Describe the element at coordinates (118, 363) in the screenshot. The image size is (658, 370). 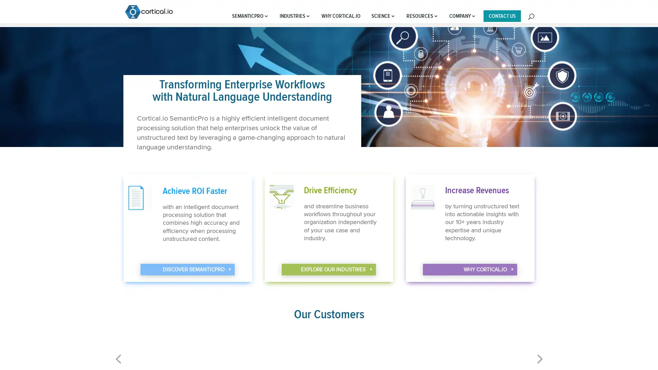
I see `Previous Item` at that location.